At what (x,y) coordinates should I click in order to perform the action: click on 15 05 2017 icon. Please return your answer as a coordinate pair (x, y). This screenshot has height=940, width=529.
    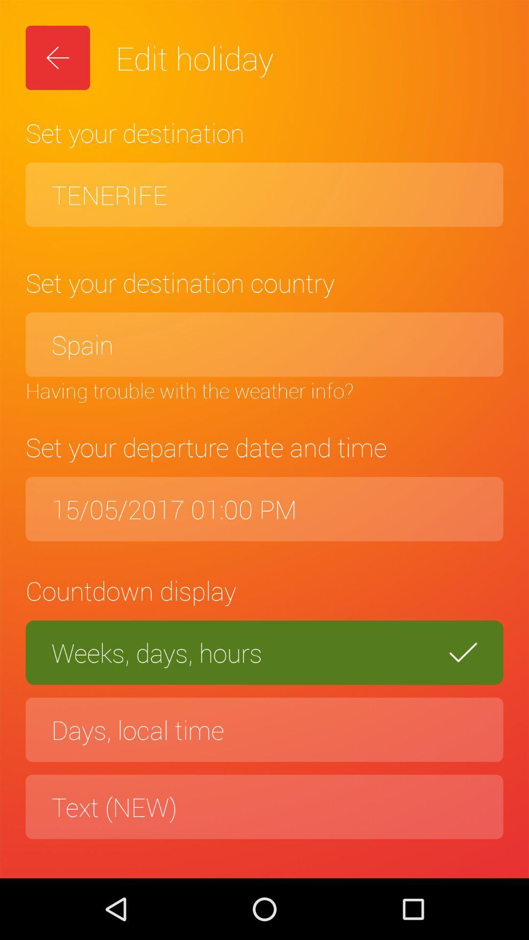
    Looking at the image, I should click on (264, 509).